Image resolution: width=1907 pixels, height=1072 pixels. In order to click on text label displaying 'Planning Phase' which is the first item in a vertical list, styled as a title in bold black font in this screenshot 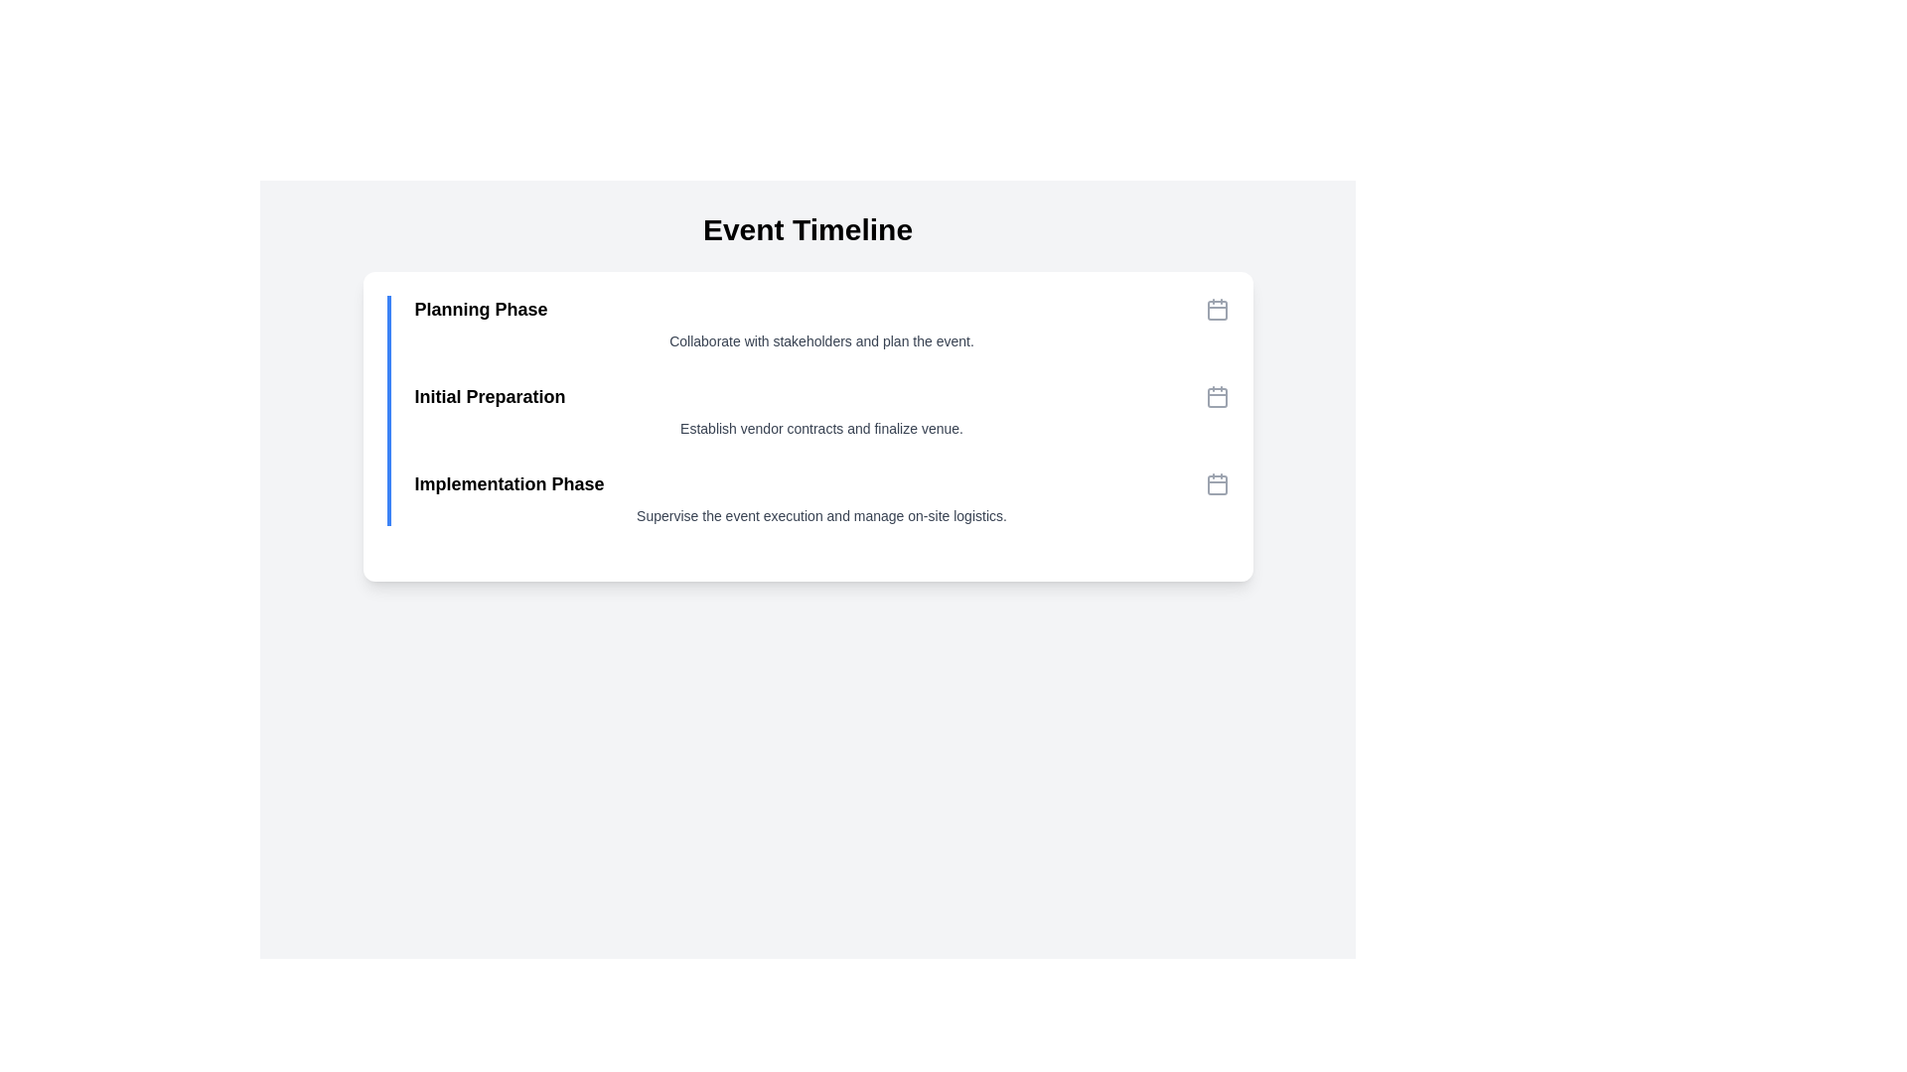, I will do `click(481, 310)`.